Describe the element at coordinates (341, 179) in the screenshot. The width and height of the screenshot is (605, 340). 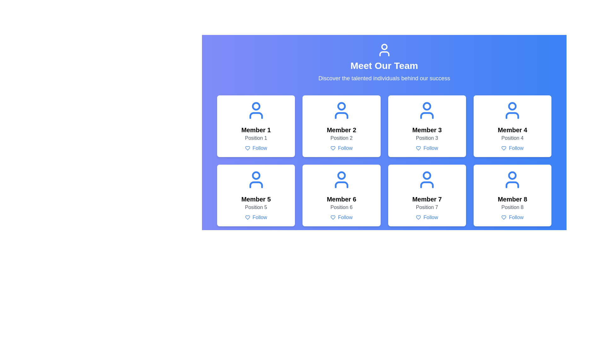
I see `'Member 6' icon located at the top-center of the Member 6 card, which visually represents the user` at that location.